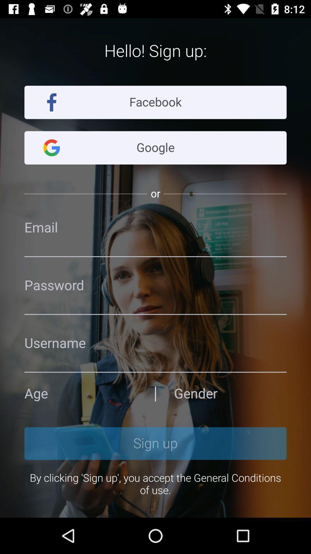  Describe the element at coordinates (81, 393) in the screenshot. I see `age` at that location.